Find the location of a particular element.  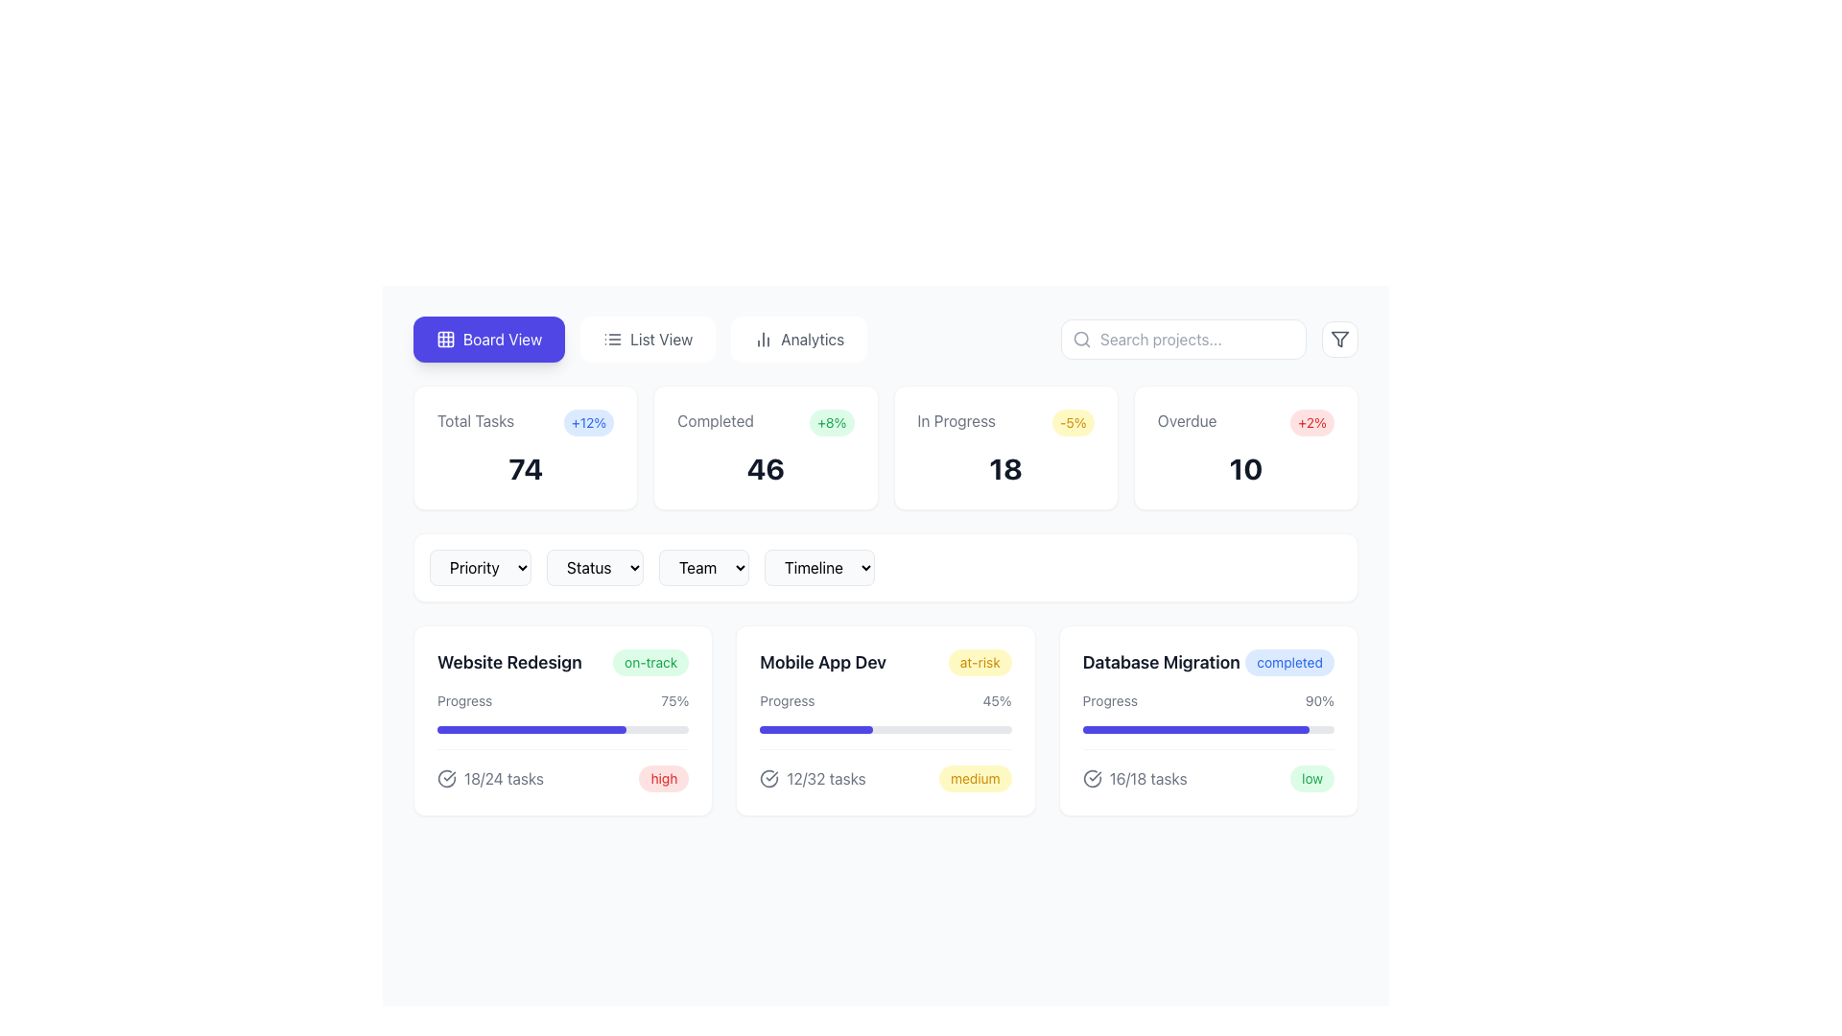

information displayed in the text element that shows '18/24 tasks', which is located beneath the 'Website Redesign' section, aligned with the progress bar, and adjacent to a checkmark icon and a status indicator is located at coordinates (504, 779).